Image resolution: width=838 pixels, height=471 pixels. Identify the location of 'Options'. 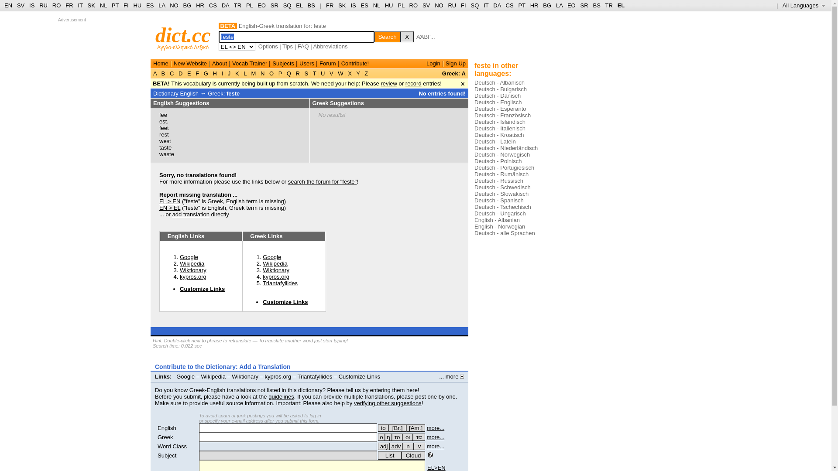
(268, 46).